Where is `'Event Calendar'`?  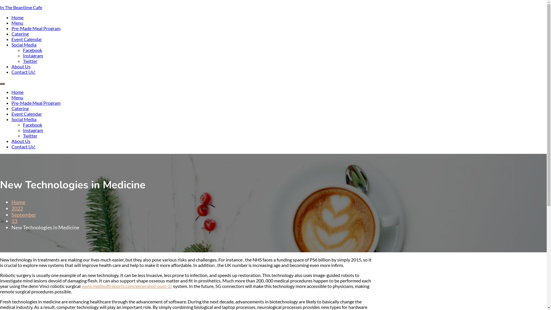 'Event Calendar' is located at coordinates (11, 39).